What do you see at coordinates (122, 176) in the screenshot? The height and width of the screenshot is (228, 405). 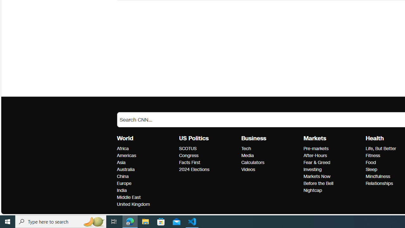 I see `'World China'` at bounding box center [122, 176].